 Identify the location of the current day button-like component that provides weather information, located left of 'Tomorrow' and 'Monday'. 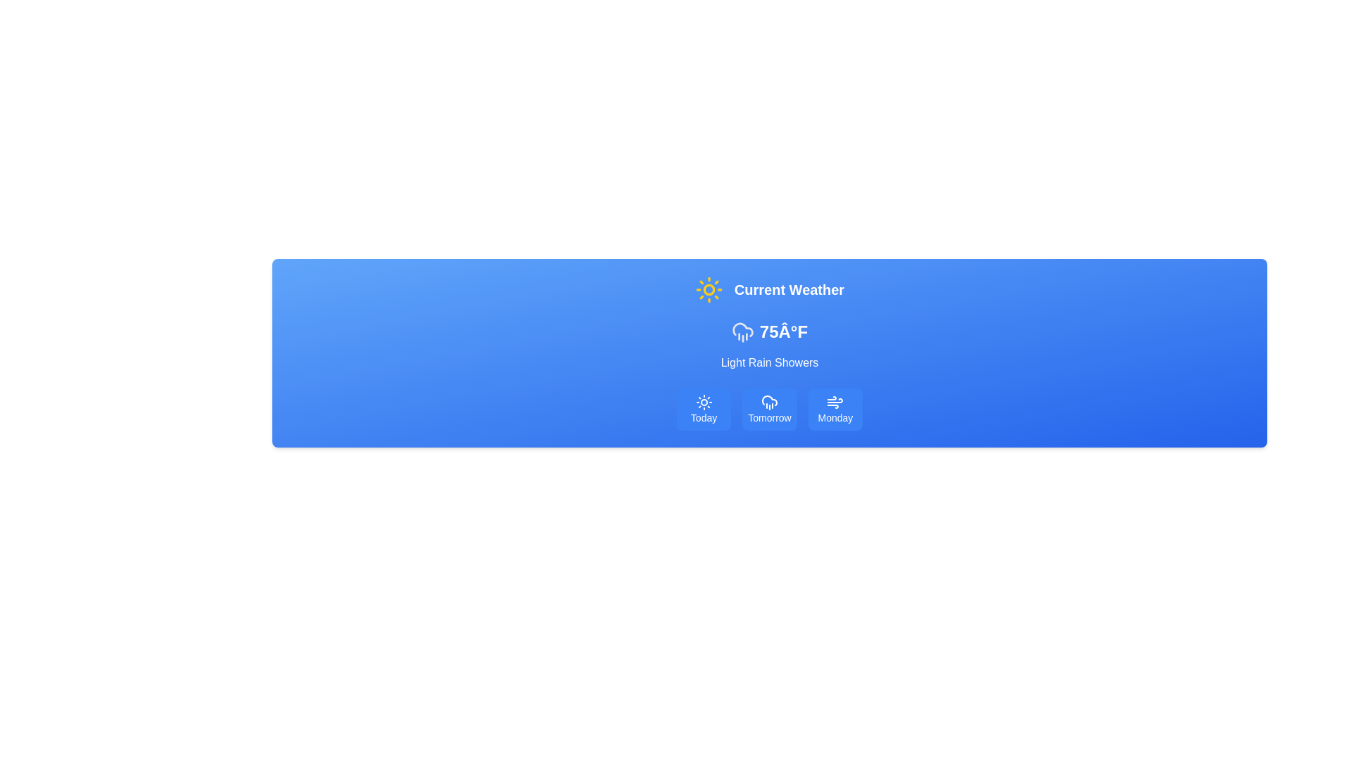
(704, 410).